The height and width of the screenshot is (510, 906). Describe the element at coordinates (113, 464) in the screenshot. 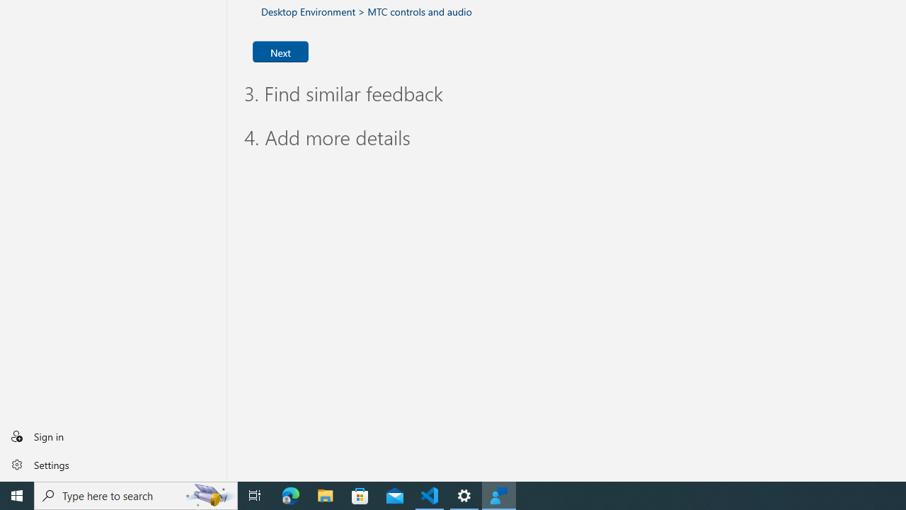

I see `'Settings'` at that location.